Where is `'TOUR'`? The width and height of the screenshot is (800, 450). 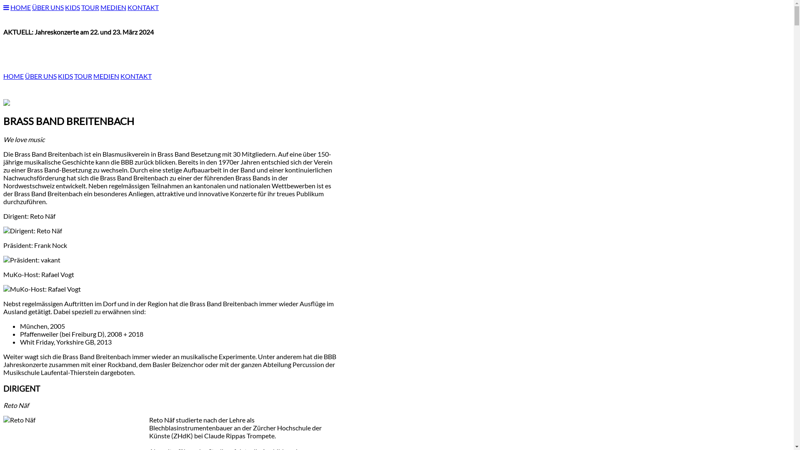
'TOUR' is located at coordinates (90, 7).